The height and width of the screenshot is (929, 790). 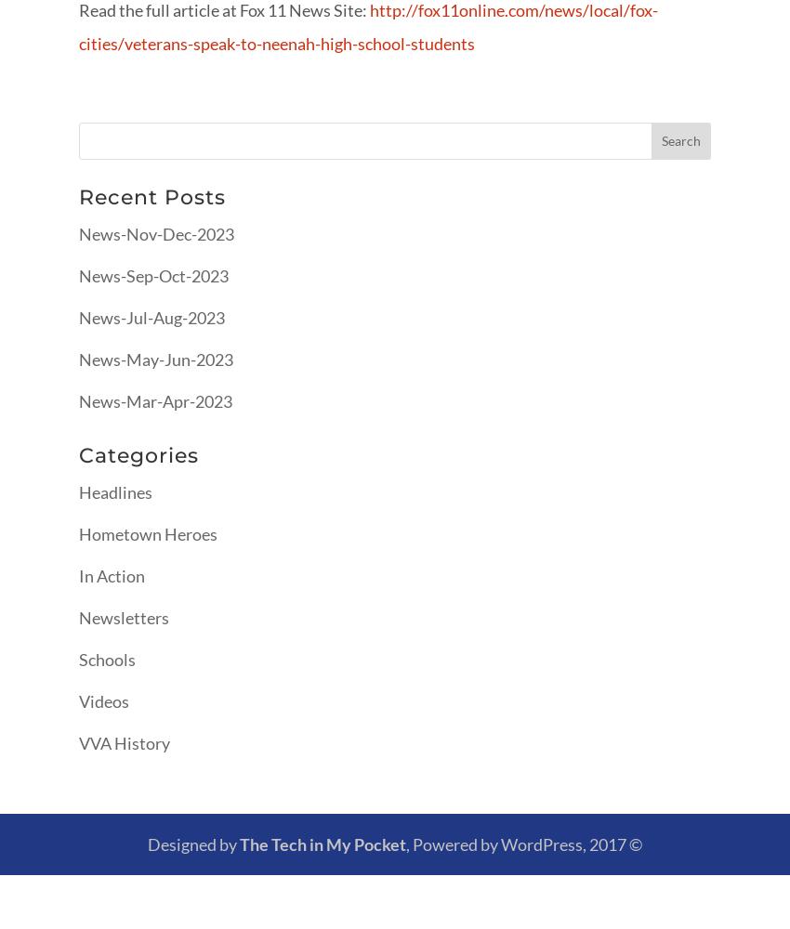 I want to click on 'Videos', so click(x=103, y=700).